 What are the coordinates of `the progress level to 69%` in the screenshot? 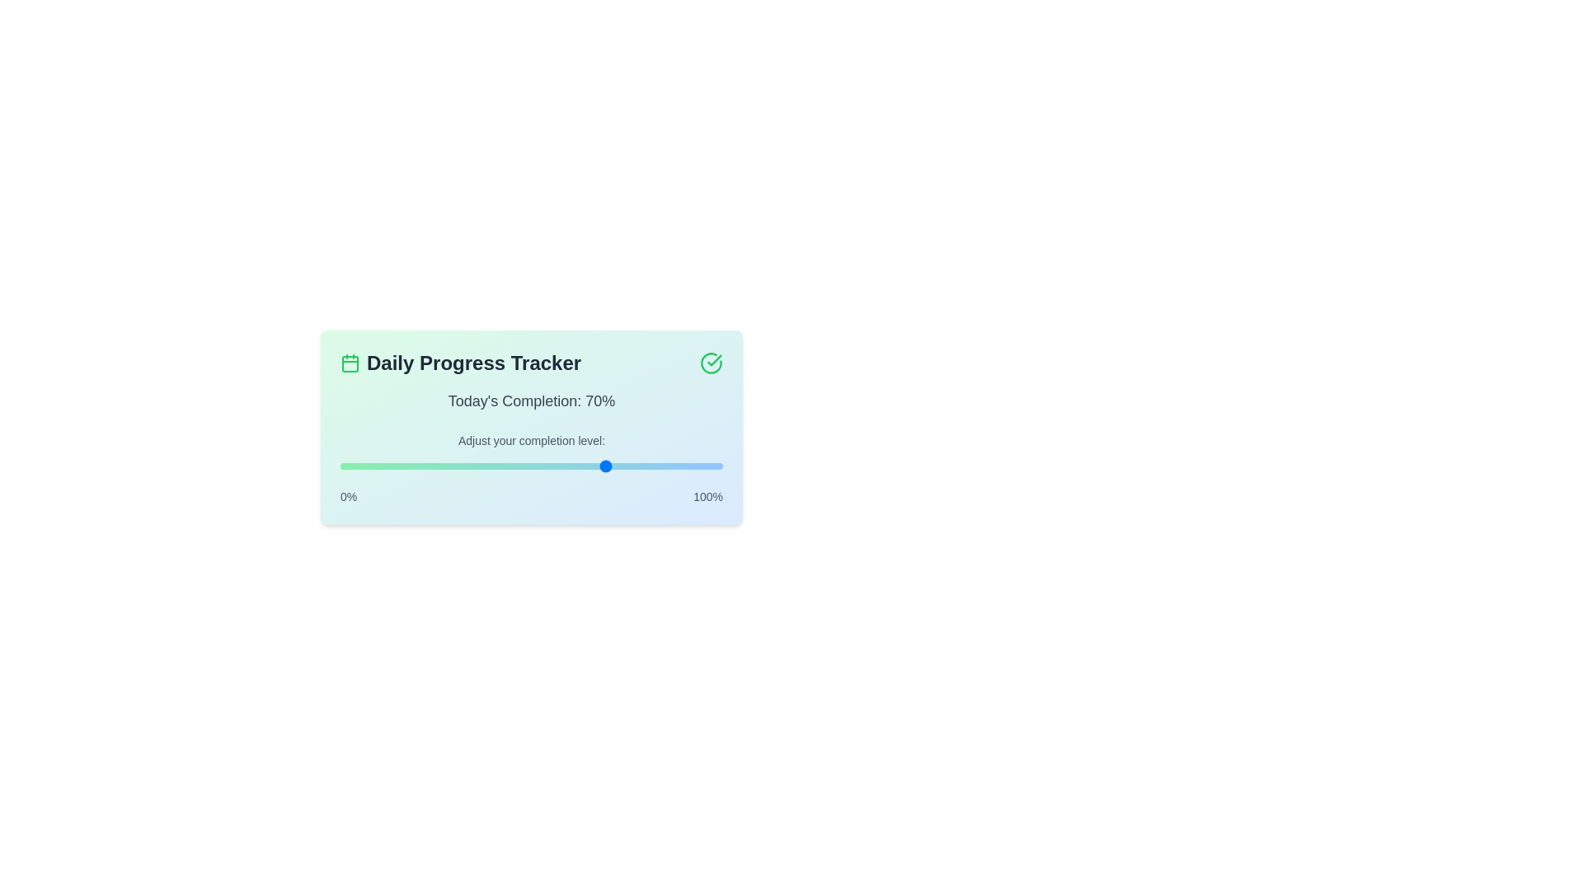 It's located at (604, 466).